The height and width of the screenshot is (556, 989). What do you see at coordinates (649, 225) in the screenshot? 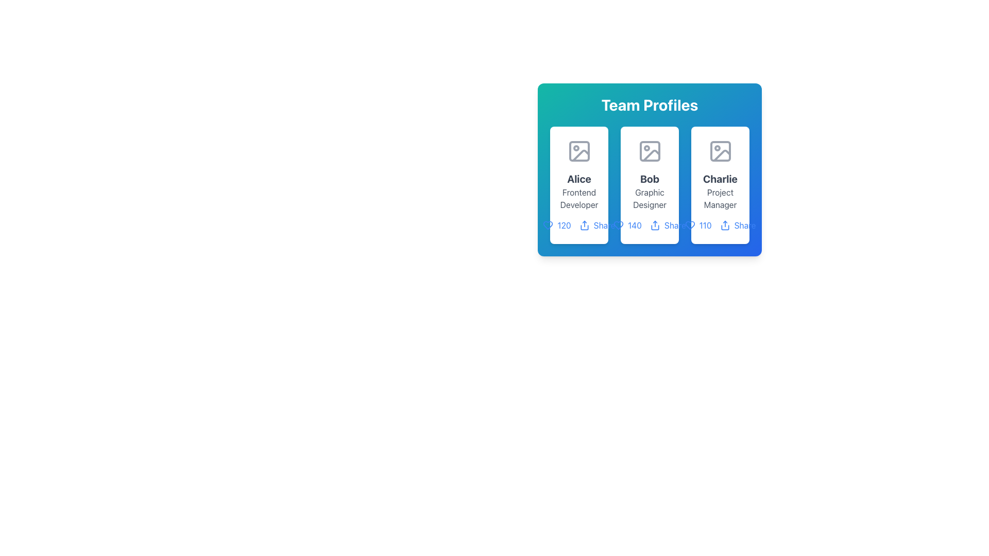
I see `the 'Share' text located in the grouped content below the profile card labeled 'Bob'` at bounding box center [649, 225].